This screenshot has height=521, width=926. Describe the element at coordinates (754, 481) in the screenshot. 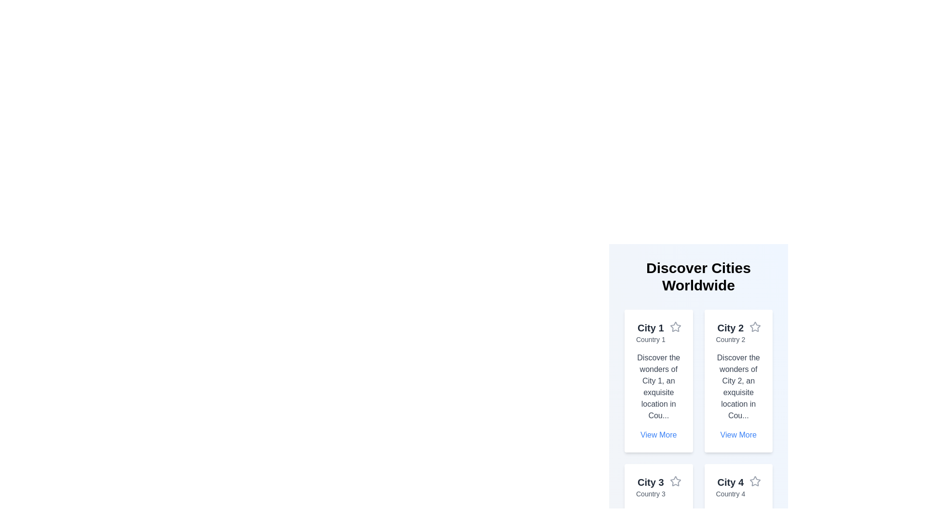

I see `the star icon located in the bottom-right portion of the 'City 4' card` at that location.